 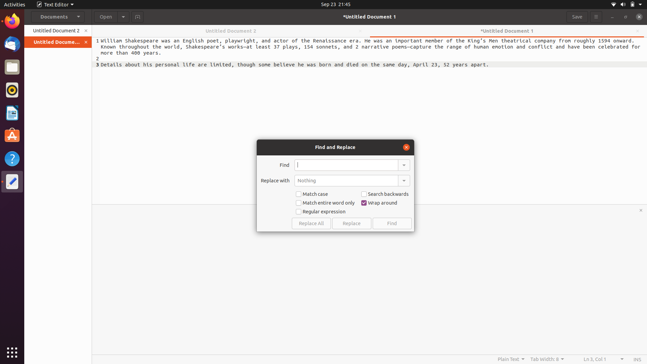 I want to click on all words starting with "an" in the document, so click(x=346, y=165).